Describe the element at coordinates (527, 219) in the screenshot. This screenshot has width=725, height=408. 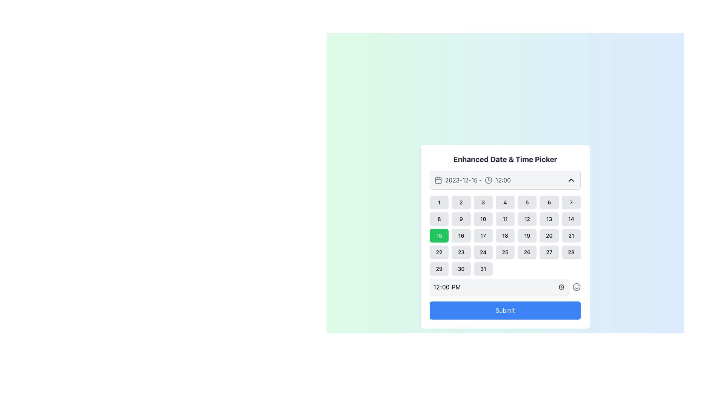
I see `the rounded button with a gray background labeled '12'` at that location.